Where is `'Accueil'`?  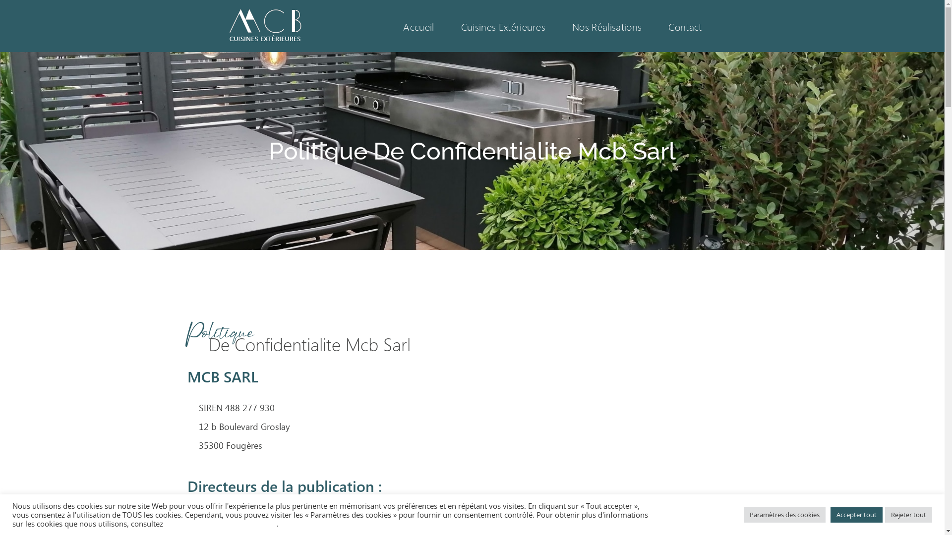 'Accueil' is located at coordinates (389, 25).